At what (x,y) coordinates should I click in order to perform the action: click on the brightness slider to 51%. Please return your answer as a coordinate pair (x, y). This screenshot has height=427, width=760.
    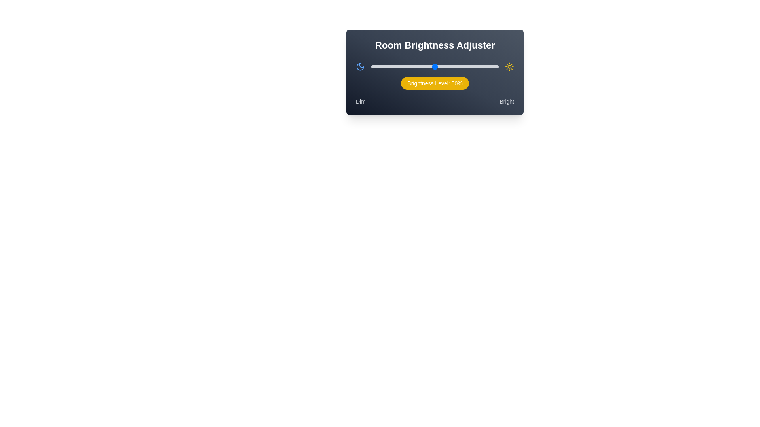
    Looking at the image, I should click on (436, 66).